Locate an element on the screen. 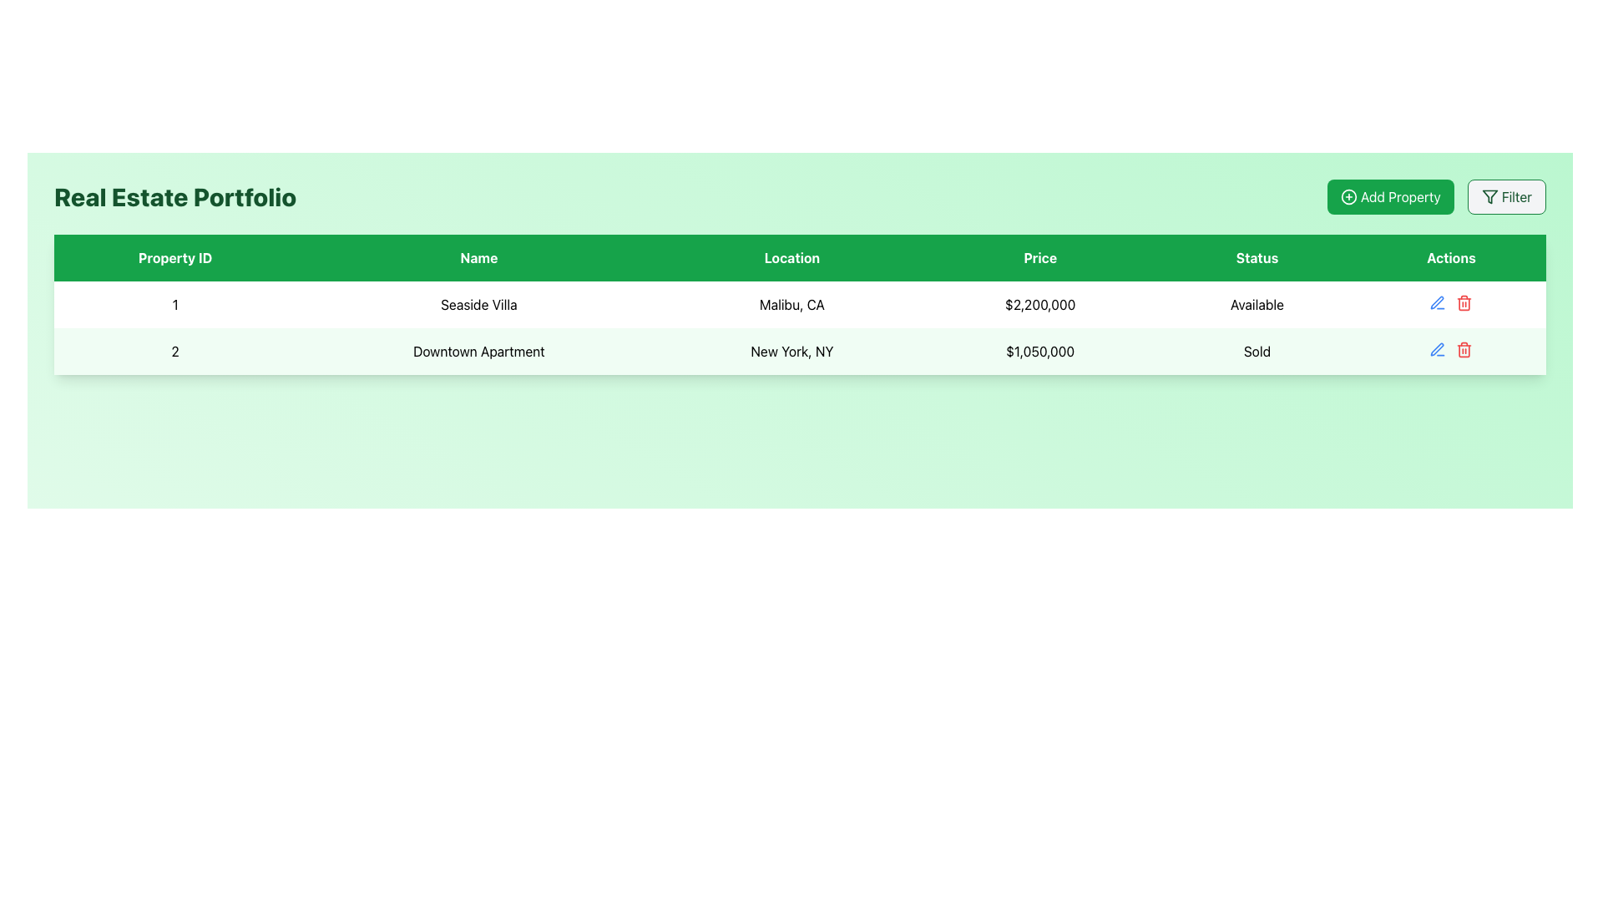  the Text label in the third column of the first row of the data table, which provides textual information about a property entry is located at coordinates (791, 305).